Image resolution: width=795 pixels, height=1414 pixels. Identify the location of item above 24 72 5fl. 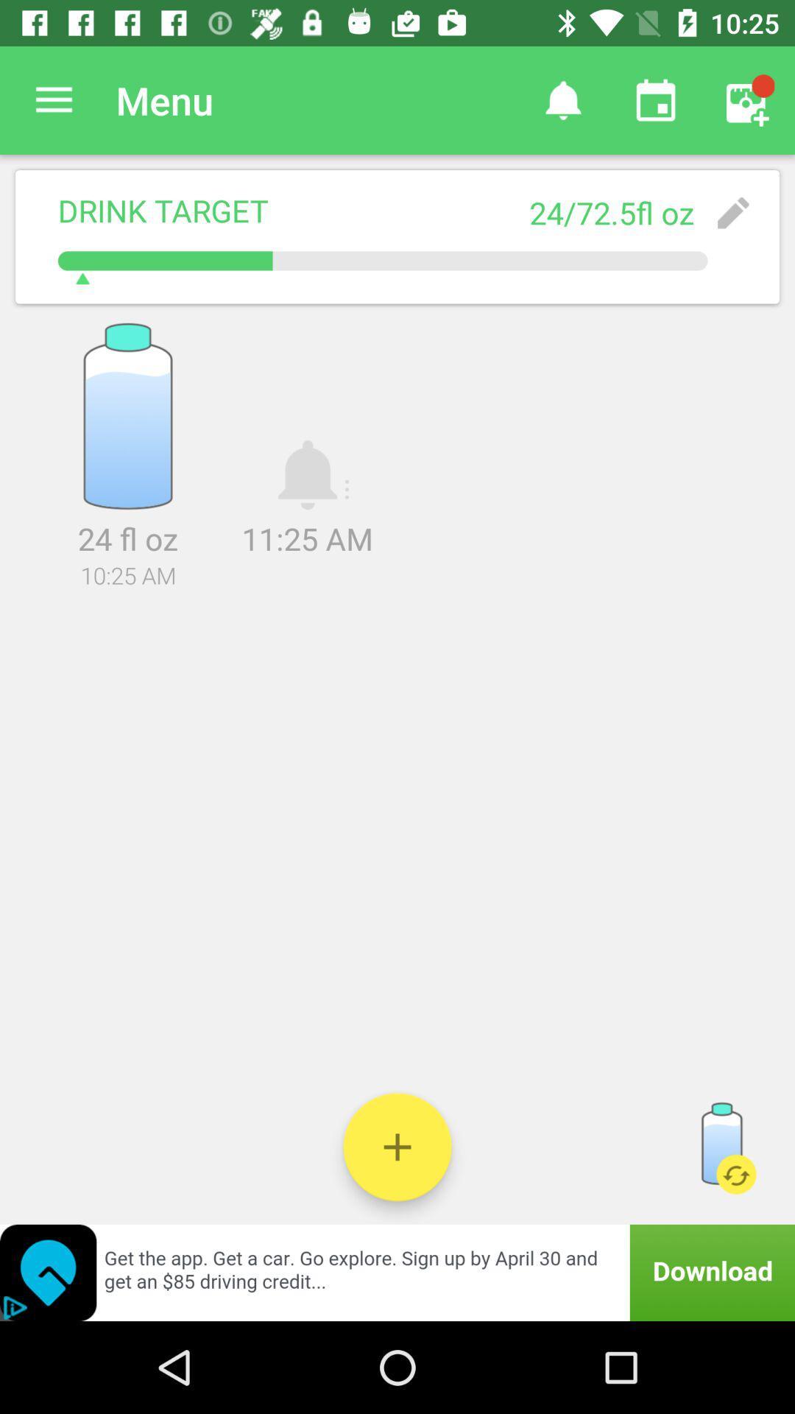
(655, 99).